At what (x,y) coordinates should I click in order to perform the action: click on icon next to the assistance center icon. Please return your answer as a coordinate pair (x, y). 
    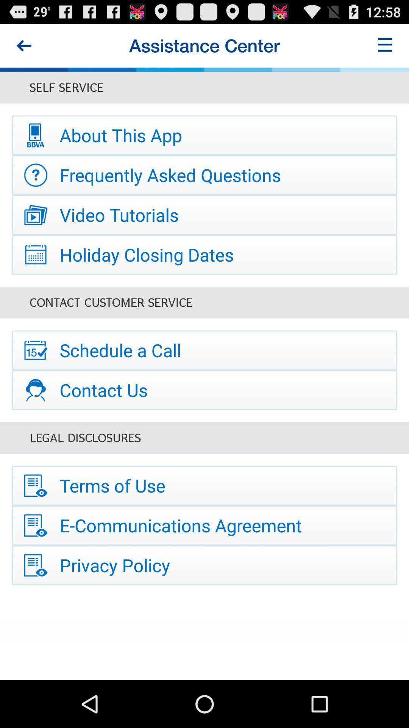
    Looking at the image, I should click on (385, 45).